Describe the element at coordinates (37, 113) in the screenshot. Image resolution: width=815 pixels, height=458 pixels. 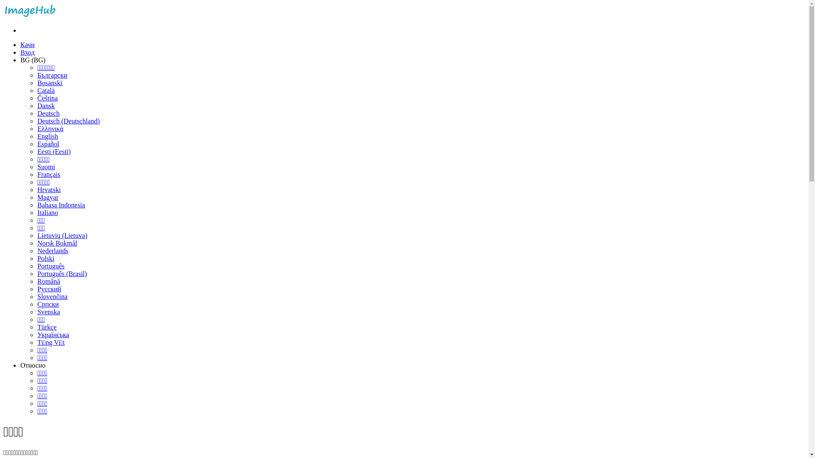
I see `'Deutsch'` at that location.